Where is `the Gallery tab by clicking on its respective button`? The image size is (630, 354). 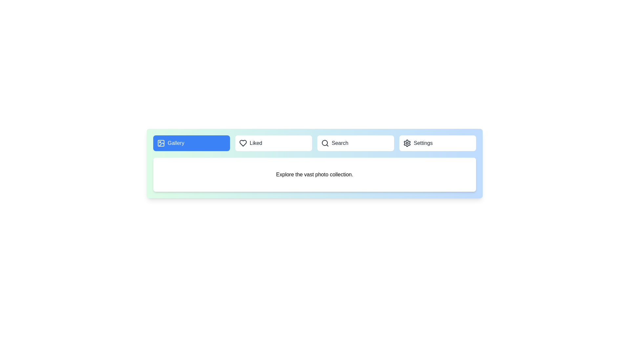
the Gallery tab by clicking on its respective button is located at coordinates (191, 143).